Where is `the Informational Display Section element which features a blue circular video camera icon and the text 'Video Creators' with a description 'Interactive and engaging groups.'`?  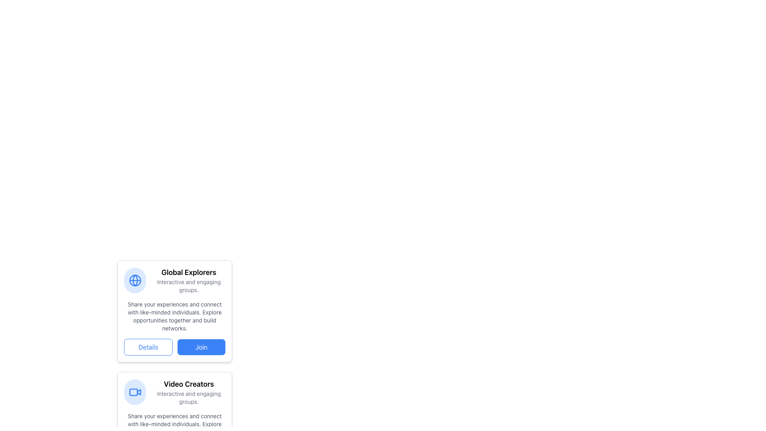 the Informational Display Section element which features a blue circular video camera icon and the text 'Video Creators' with a description 'Interactive and engaging groups.' is located at coordinates (174, 392).